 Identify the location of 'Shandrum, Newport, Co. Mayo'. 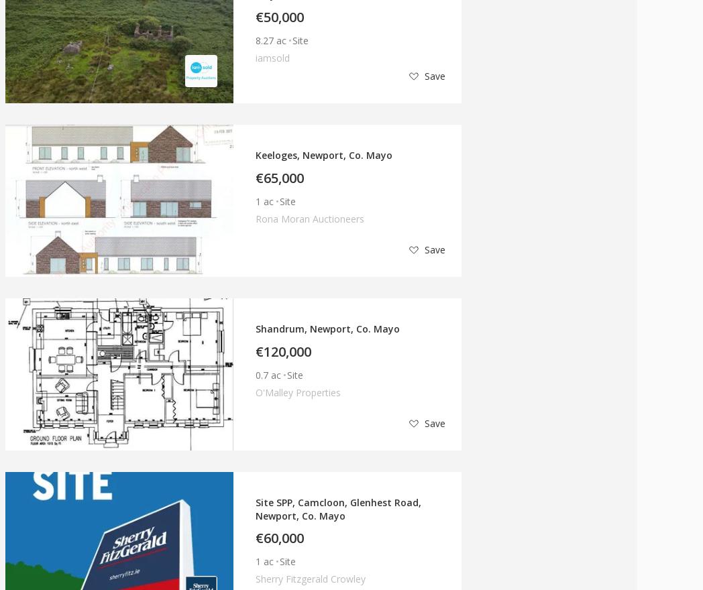
(327, 329).